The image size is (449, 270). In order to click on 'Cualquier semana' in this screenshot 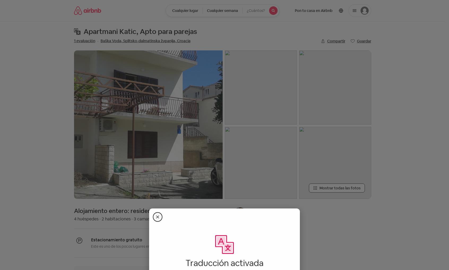, I will do `click(222, 10)`.